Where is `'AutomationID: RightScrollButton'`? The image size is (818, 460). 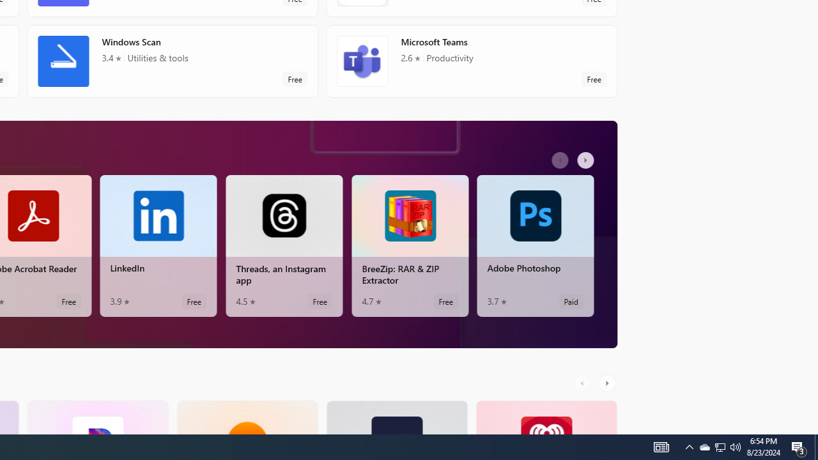
'AutomationID: RightScrollButton' is located at coordinates (608, 382).